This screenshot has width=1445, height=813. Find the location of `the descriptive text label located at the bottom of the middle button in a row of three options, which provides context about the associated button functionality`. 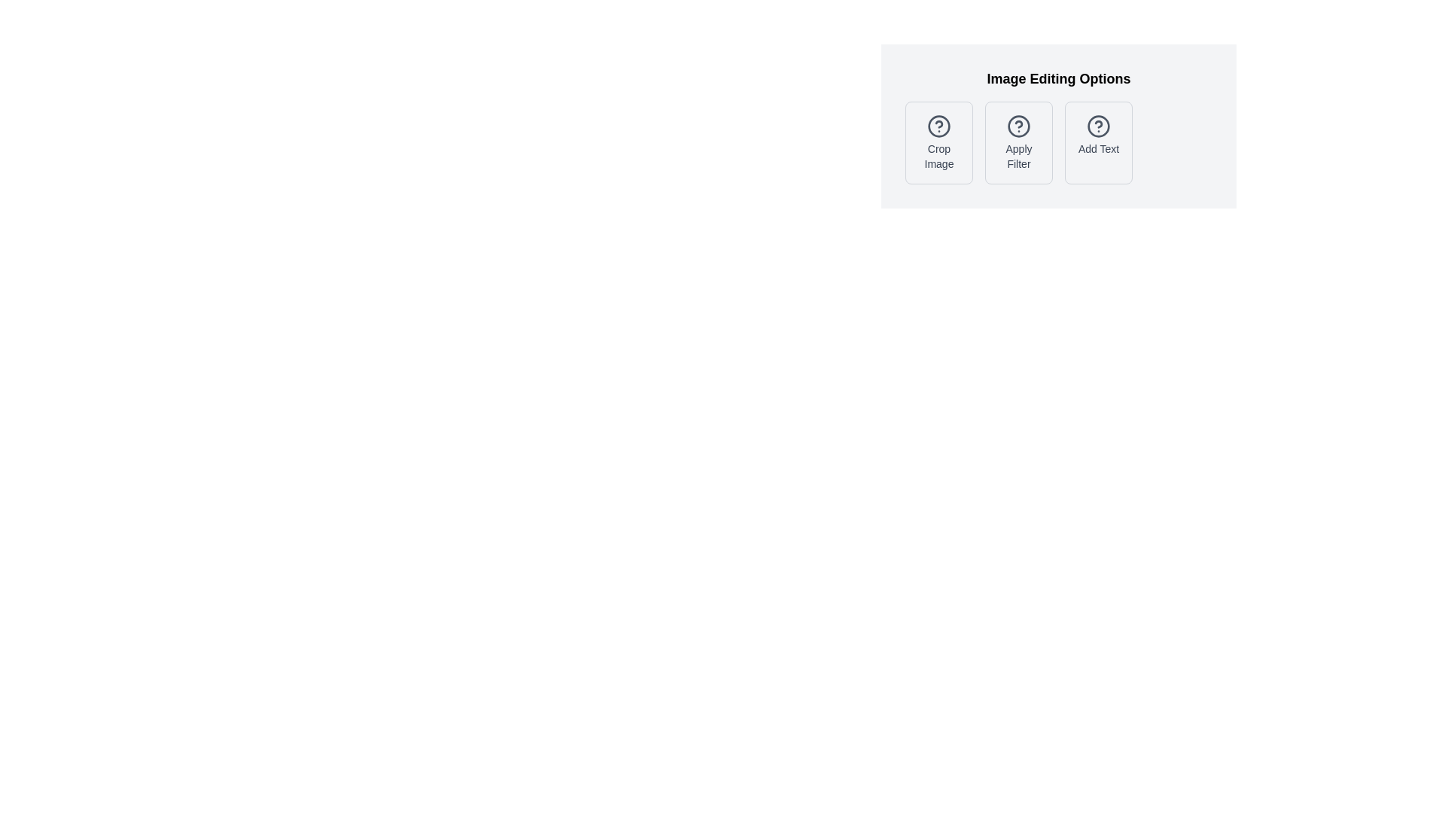

the descriptive text label located at the bottom of the middle button in a row of three options, which provides context about the associated button functionality is located at coordinates (1018, 157).